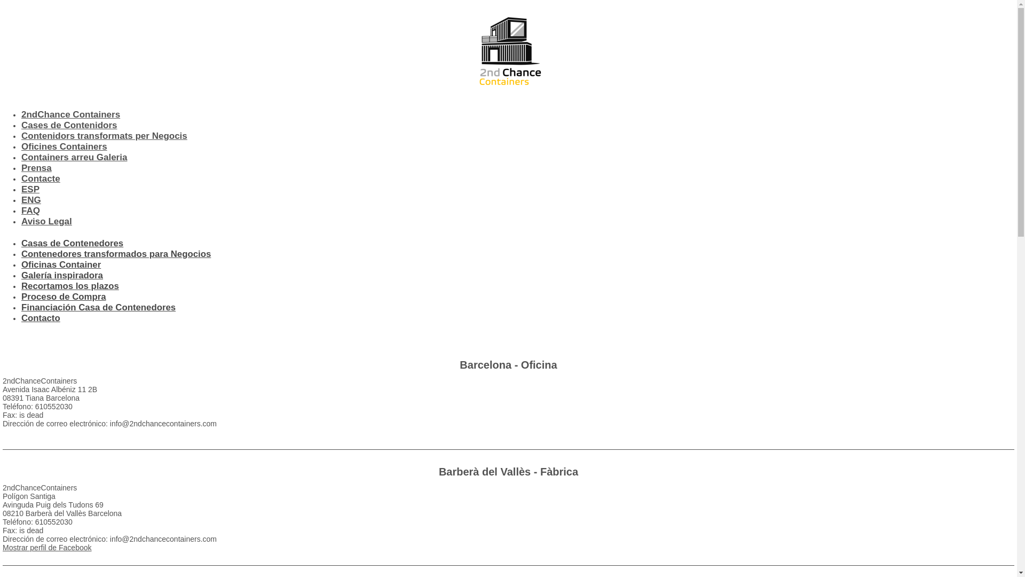 The image size is (1025, 577). What do you see at coordinates (21, 114) in the screenshot?
I see `'2ndChance Containers'` at bounding box center [21, 114].